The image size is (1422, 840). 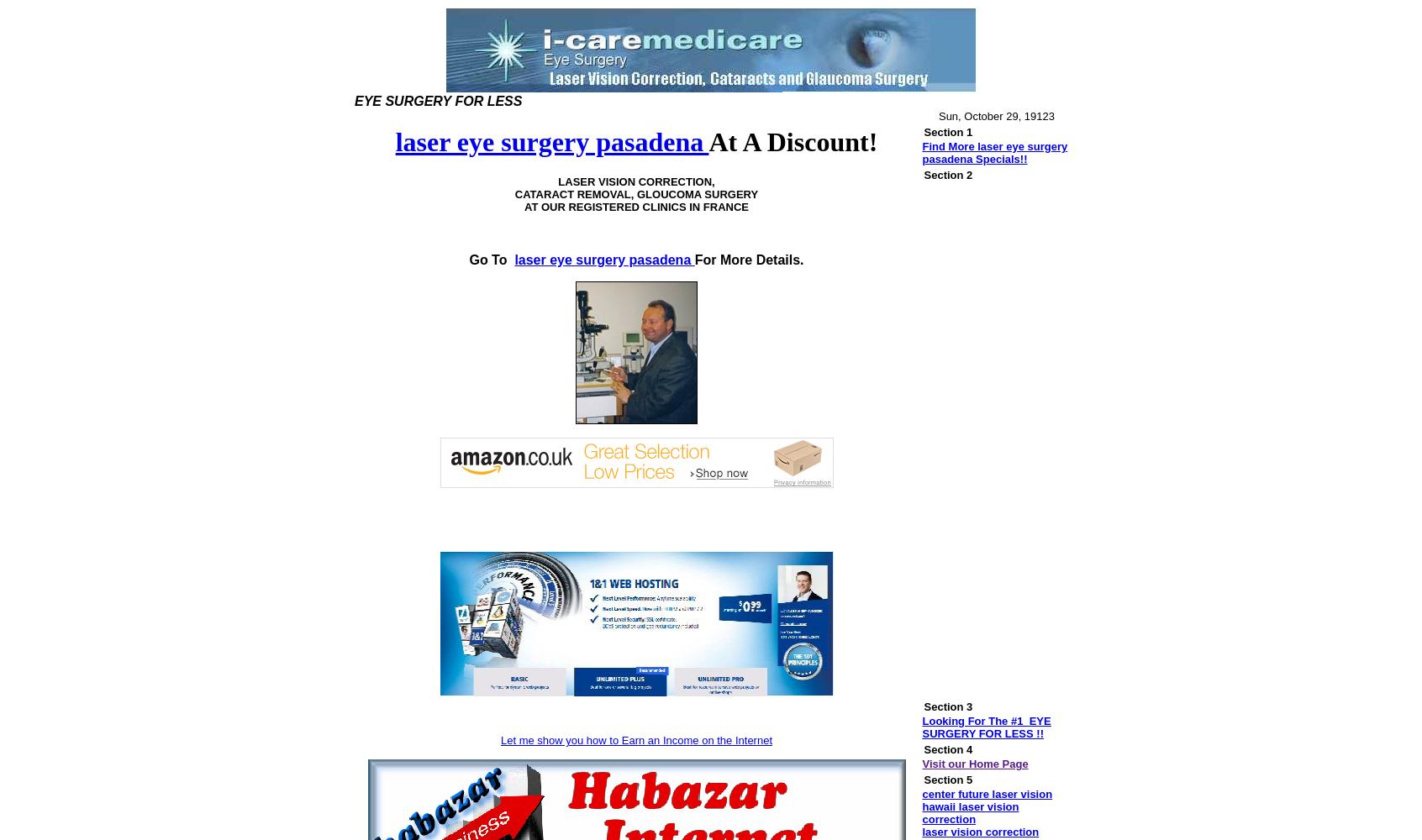 I want to click on 'Sun, October 29, 19123', so click(x=995, y=116).